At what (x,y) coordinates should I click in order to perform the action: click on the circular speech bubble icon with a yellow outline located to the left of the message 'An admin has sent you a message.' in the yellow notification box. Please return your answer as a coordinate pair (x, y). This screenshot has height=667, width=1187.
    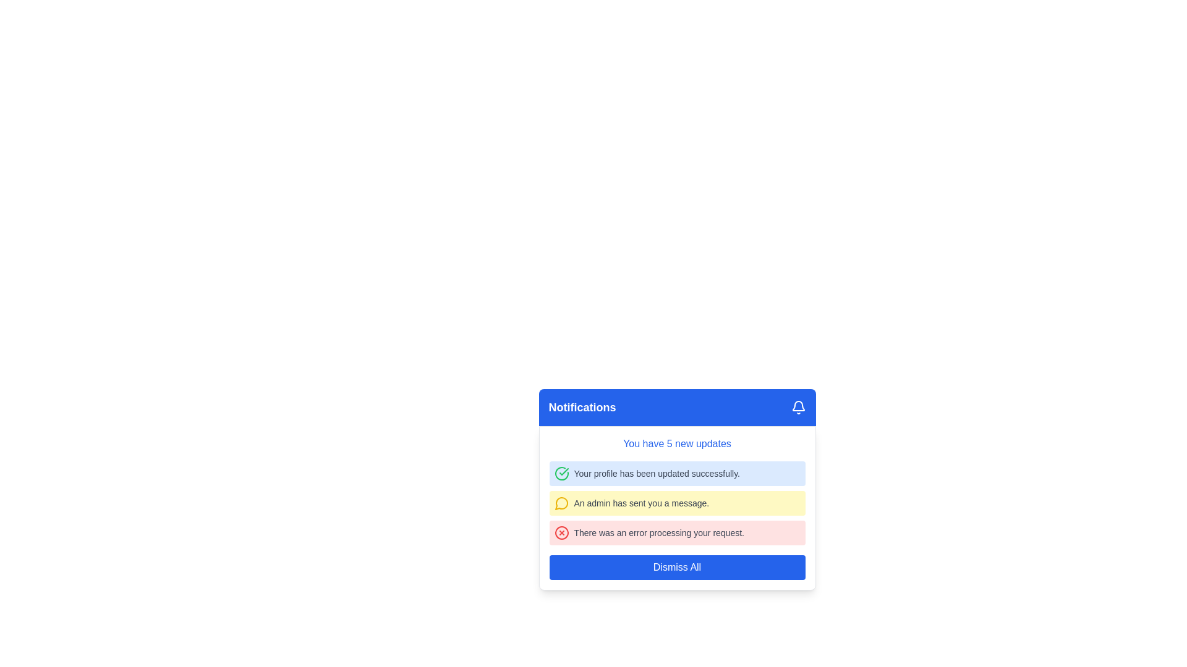
    Looking at the image, I should click on (561, 503).